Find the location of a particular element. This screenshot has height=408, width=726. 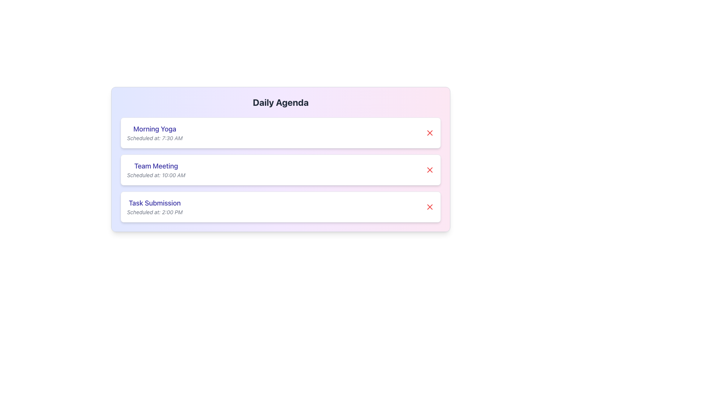

the Text Label that reads 'Scheduled at: 7:30 AM', which is styled in smaller italicized gray font and located directly below the title 'Morning Yoga' in the first agenda item of the 'Daily Agenda' list is located at coordinates (154, 138).